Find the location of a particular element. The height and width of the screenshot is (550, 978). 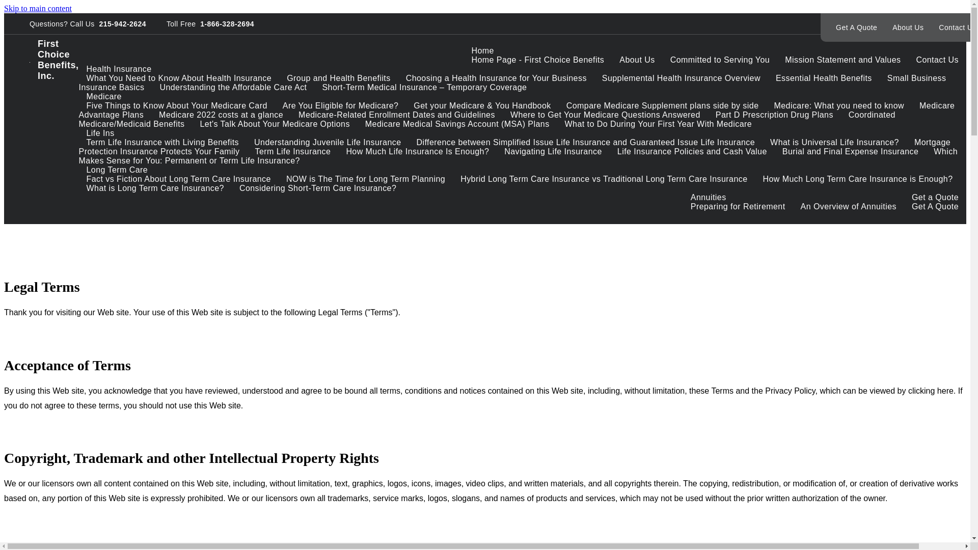

'Compare Medicare Supplement plans side by side' is located at coordinates (662, 105).